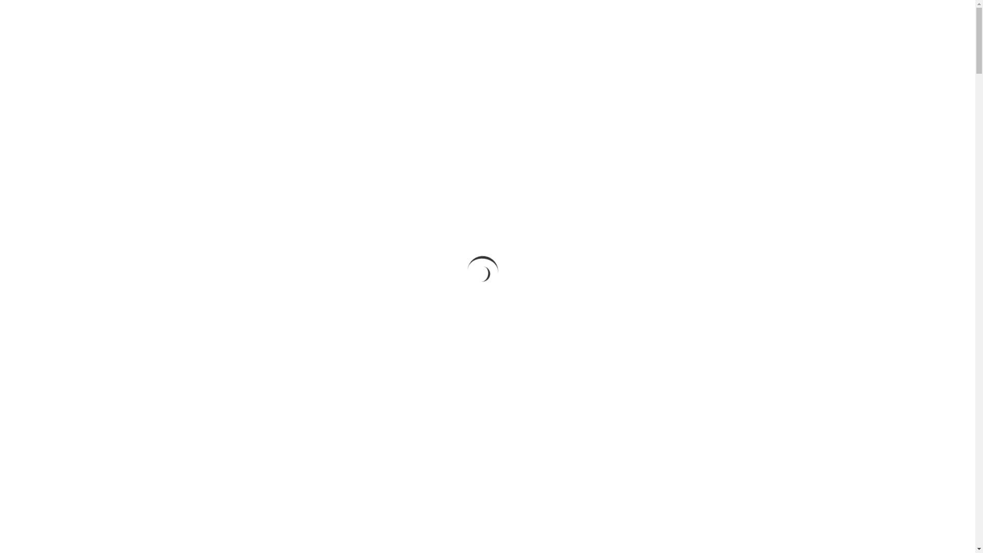 This screenshot has width=983, height=553. Describe the element at coordinates (376, 19) in the screenshot. I see `'HOME'` at that location.